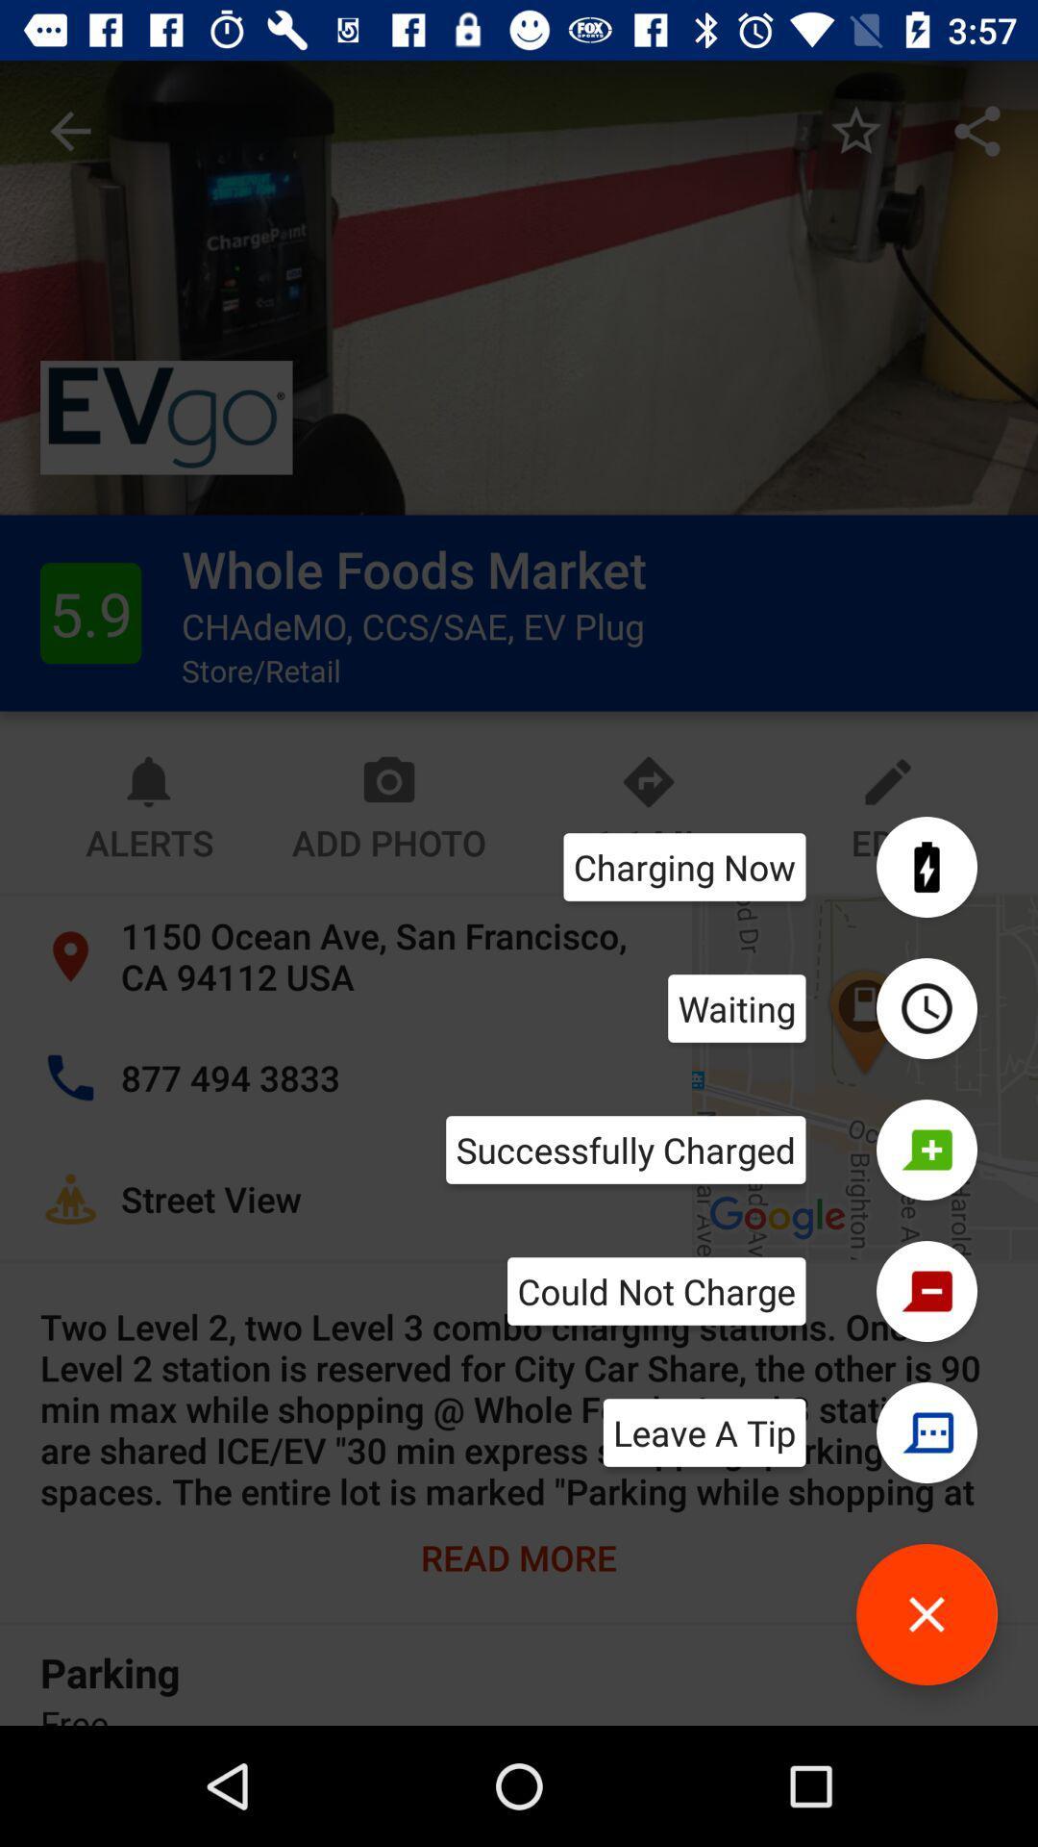  Describe the element at coordinates (626, 1150) in the screenshot. I see `successfully charged item` at that location.